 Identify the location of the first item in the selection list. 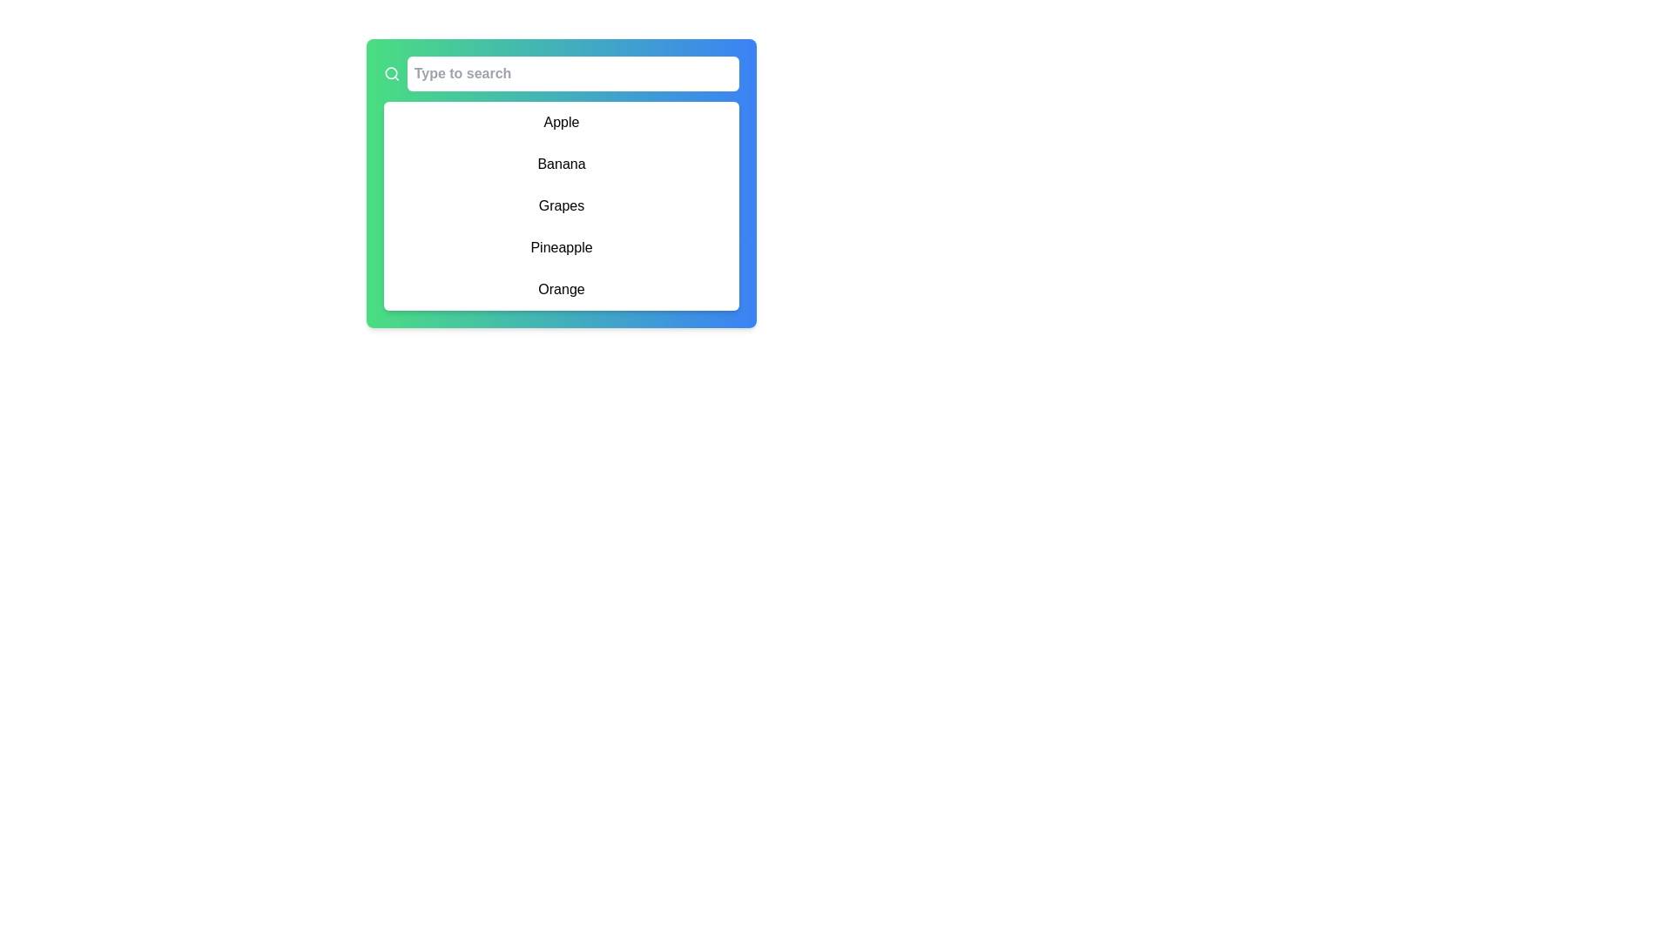
(561, 122).